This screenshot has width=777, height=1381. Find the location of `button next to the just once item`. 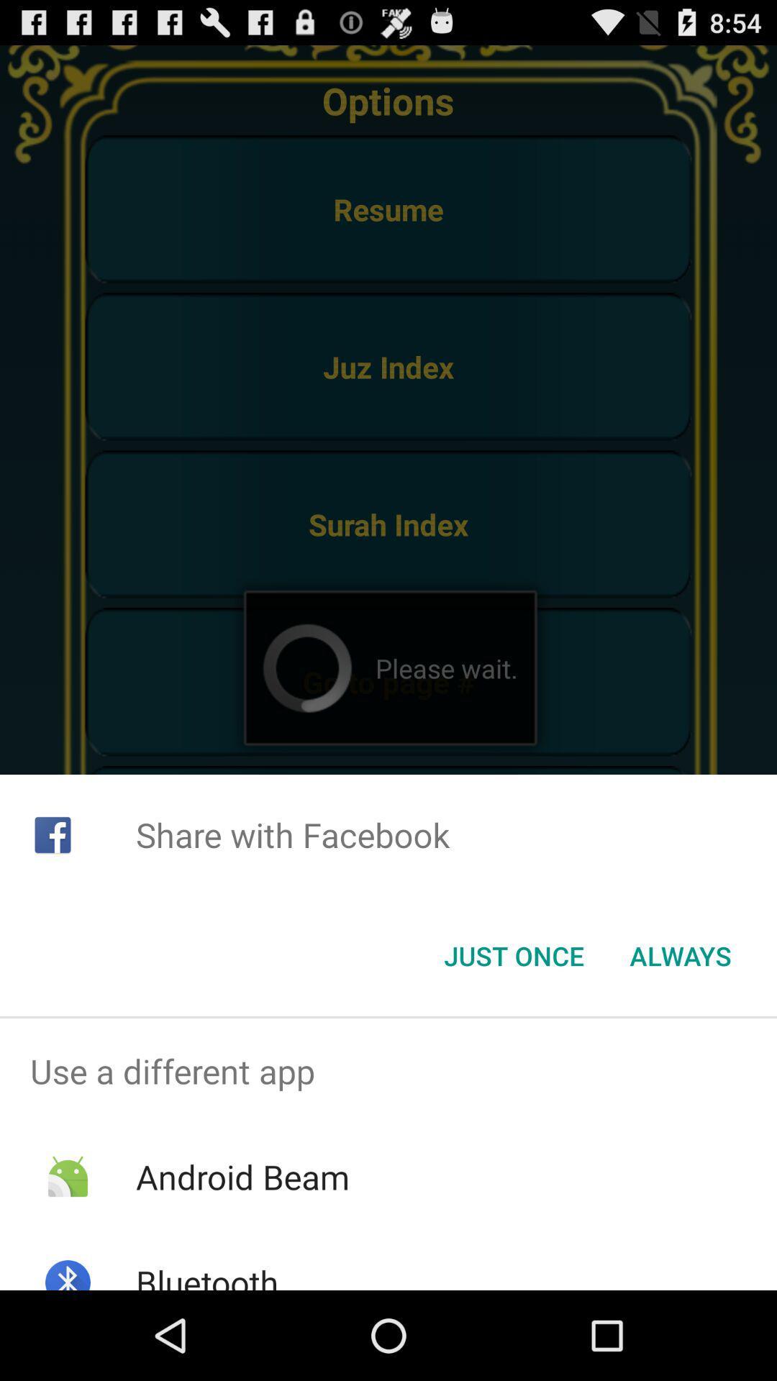

button next to the just once item is located at coordinates (680, 956).